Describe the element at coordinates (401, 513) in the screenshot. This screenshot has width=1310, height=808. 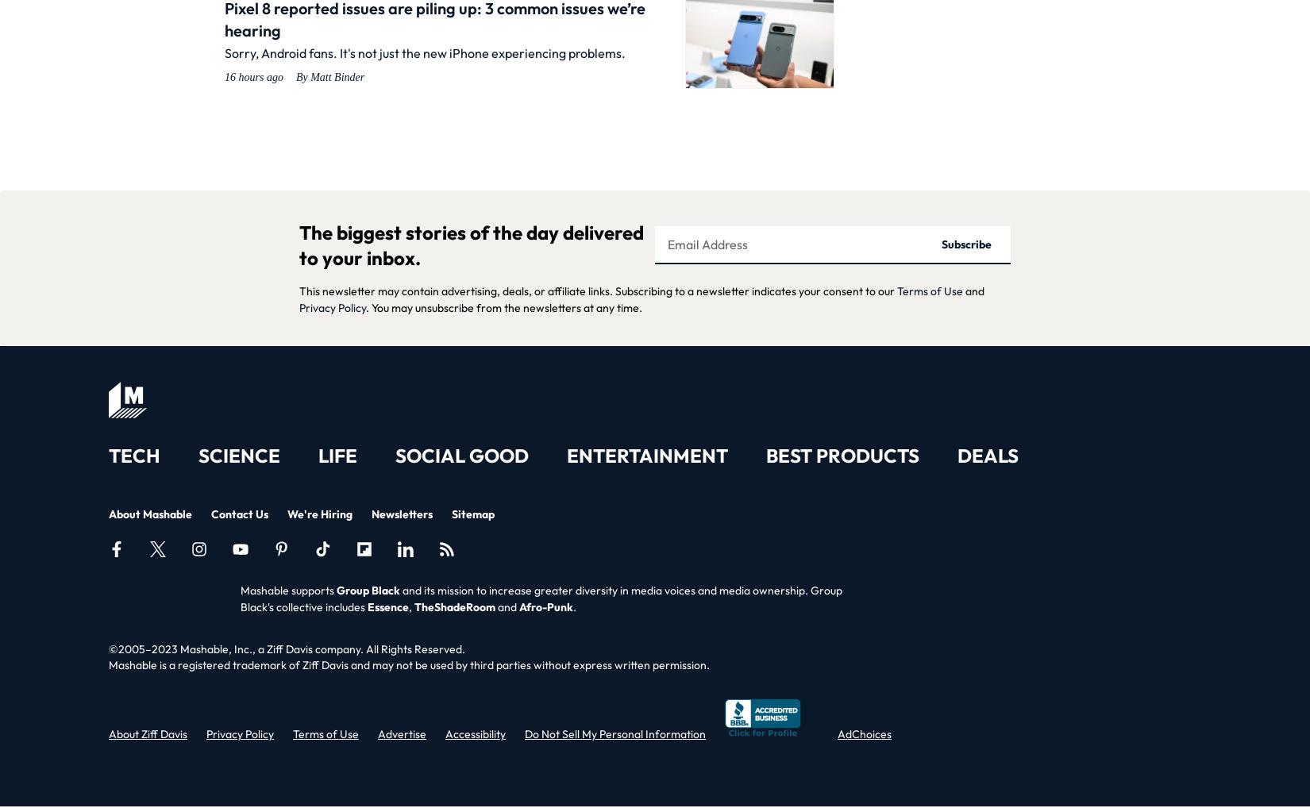
I see `'Newsletters'` at that location.